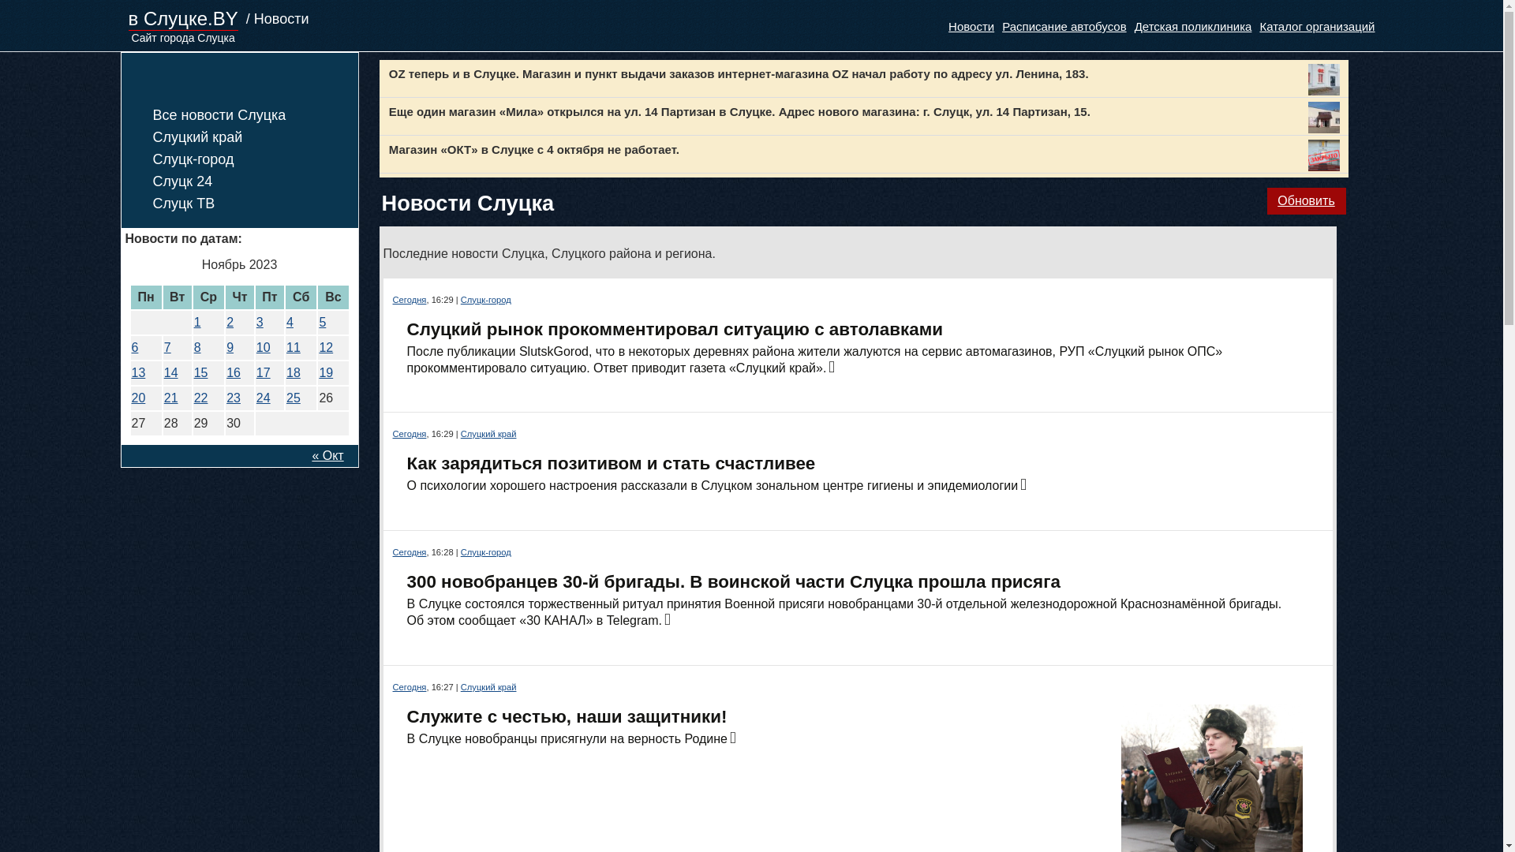  What do you see at coordinates (137, 372) in the screenshot?
I see `'13'` at bounding box center [137, 372].